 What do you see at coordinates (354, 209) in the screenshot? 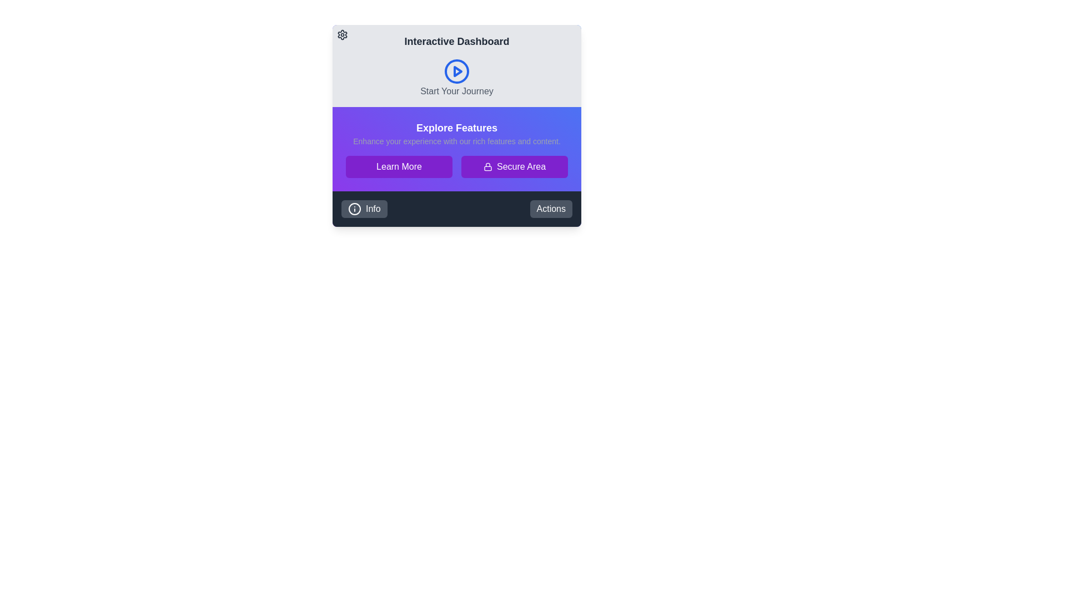
I see `the 'Info' button which contains the informational icon located in the bottom-left corner of the card-like component` at bounding box center [354, 209].